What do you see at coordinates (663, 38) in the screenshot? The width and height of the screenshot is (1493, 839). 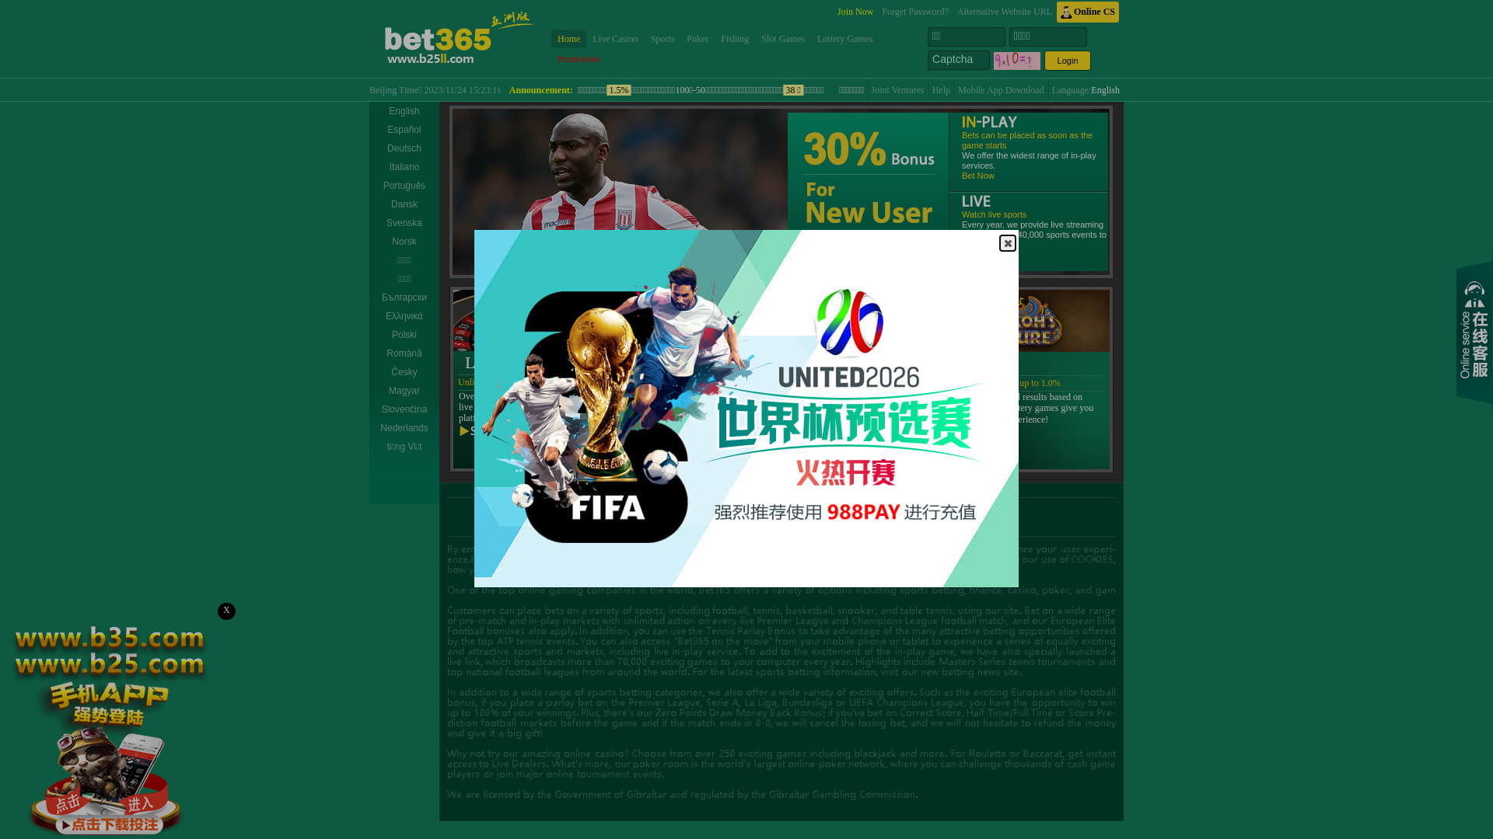 I see `'Sports'` at bounding box center [663, 38].